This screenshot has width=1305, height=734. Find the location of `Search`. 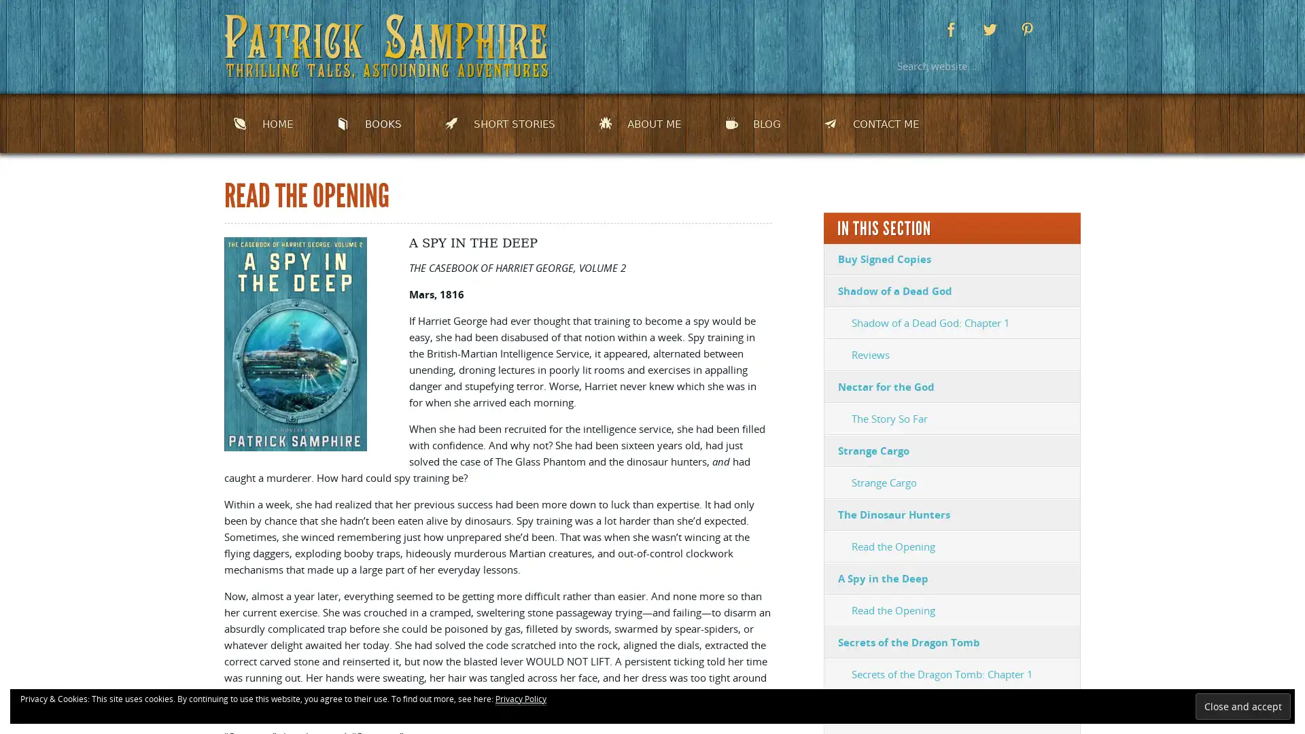

Search is located at coordinates (1064, 65).